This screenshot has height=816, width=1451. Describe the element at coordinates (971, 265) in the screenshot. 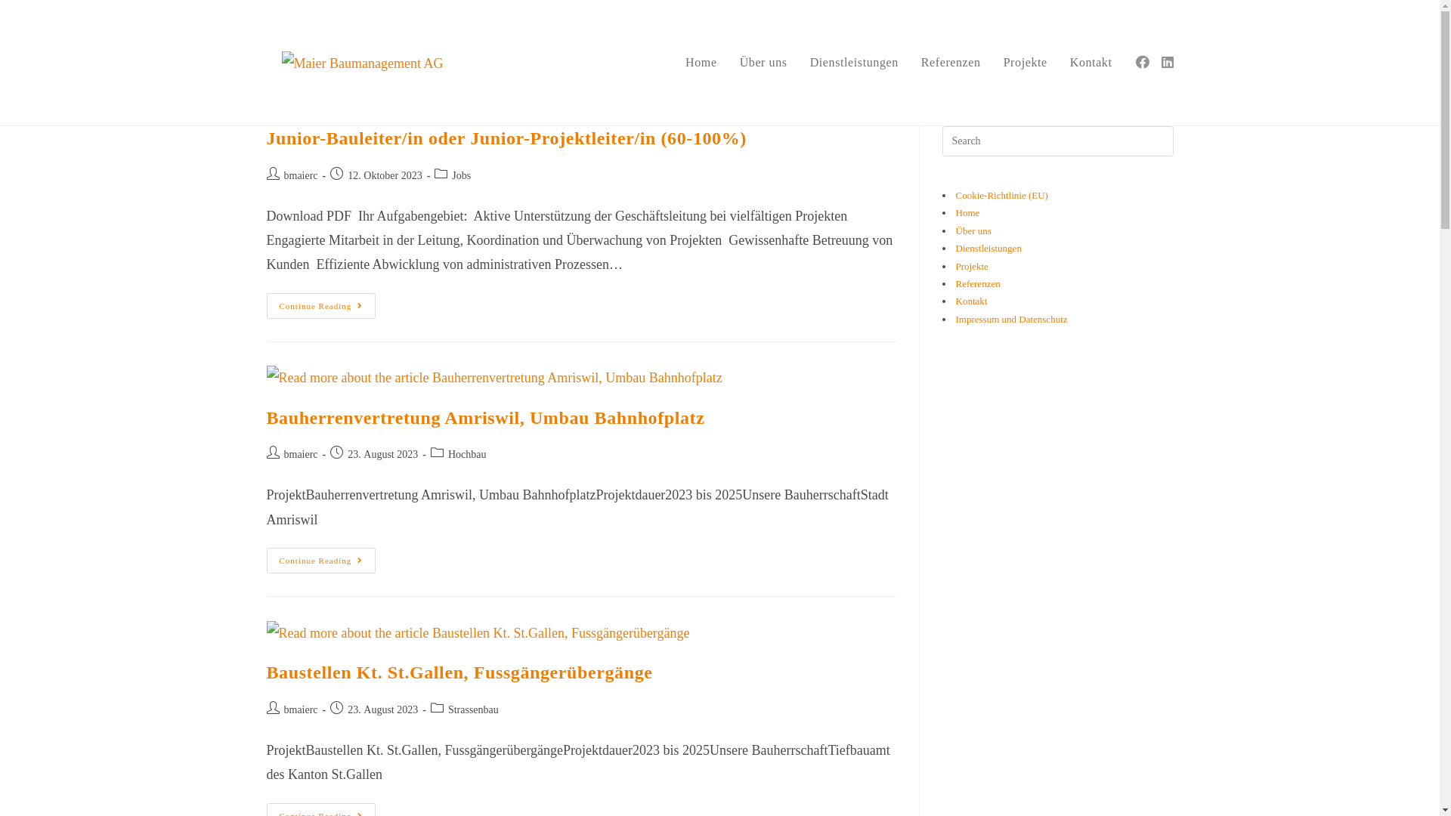

I see `'Projekte'` at that location.